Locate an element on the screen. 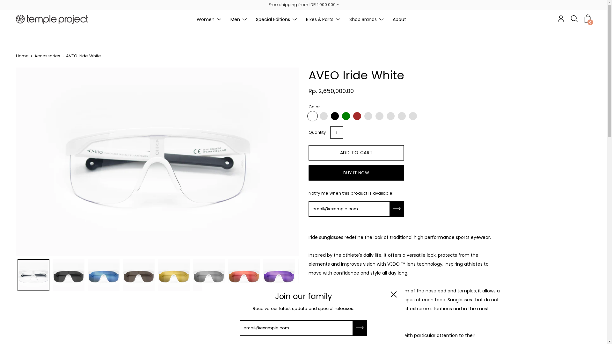 The image size is (612, 344). 'BUY IT NOW' is located at coordinates (356, 173).